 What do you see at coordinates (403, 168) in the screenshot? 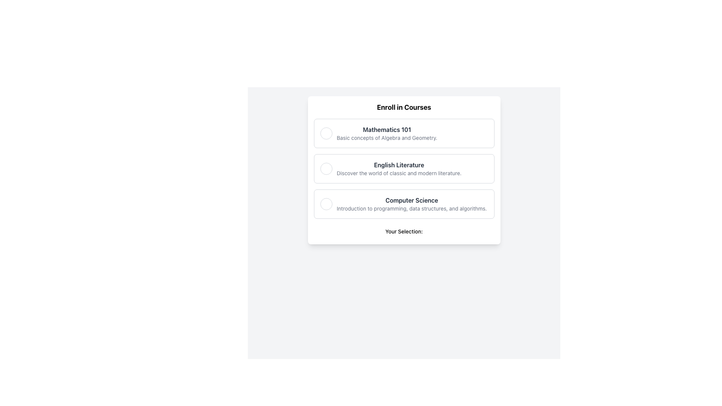
I see `the 'English Literature' card` at bounding box center [403, 168].